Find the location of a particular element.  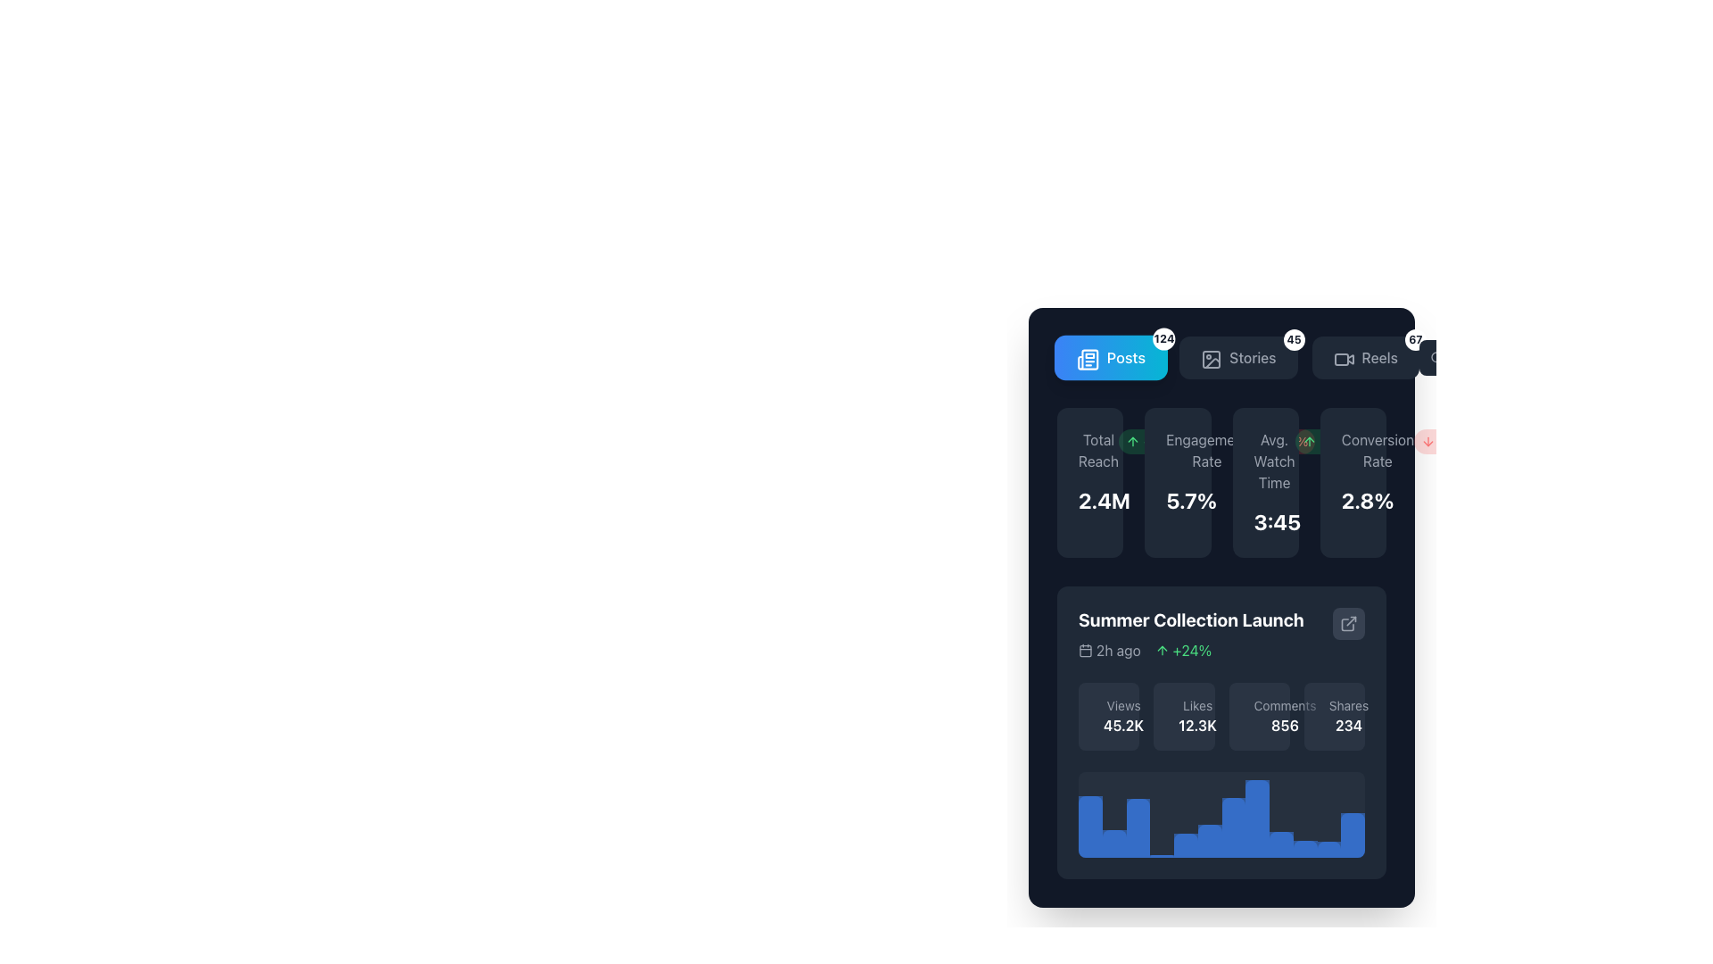

the navigation button with a badge for 'Reels' located in the top-right corner of the interface is located at coordinates (1364, 358).